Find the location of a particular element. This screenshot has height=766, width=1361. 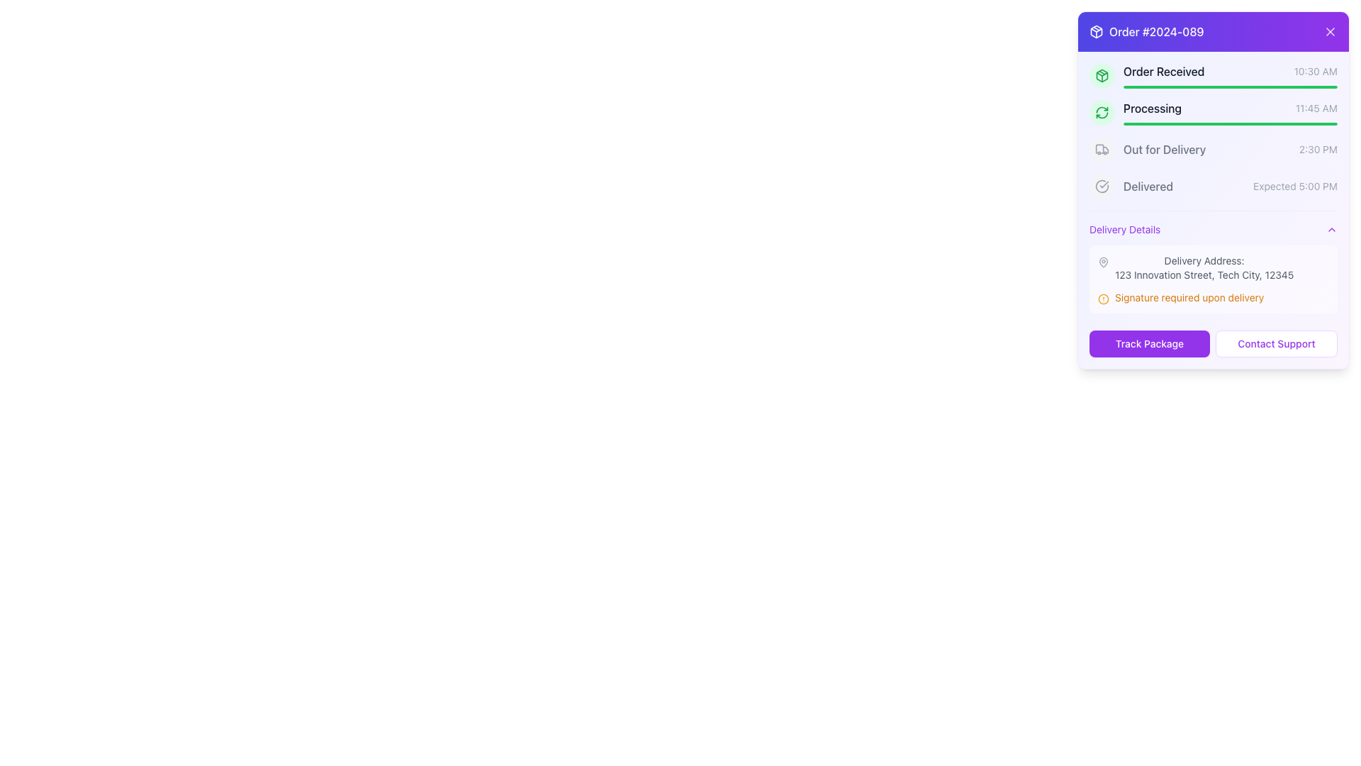

the polygonal-like icon styled as a package or box located in the header section of the panel, positioned to the left of the text 'Order #2024-089' is located at coordinates (1102, 76).